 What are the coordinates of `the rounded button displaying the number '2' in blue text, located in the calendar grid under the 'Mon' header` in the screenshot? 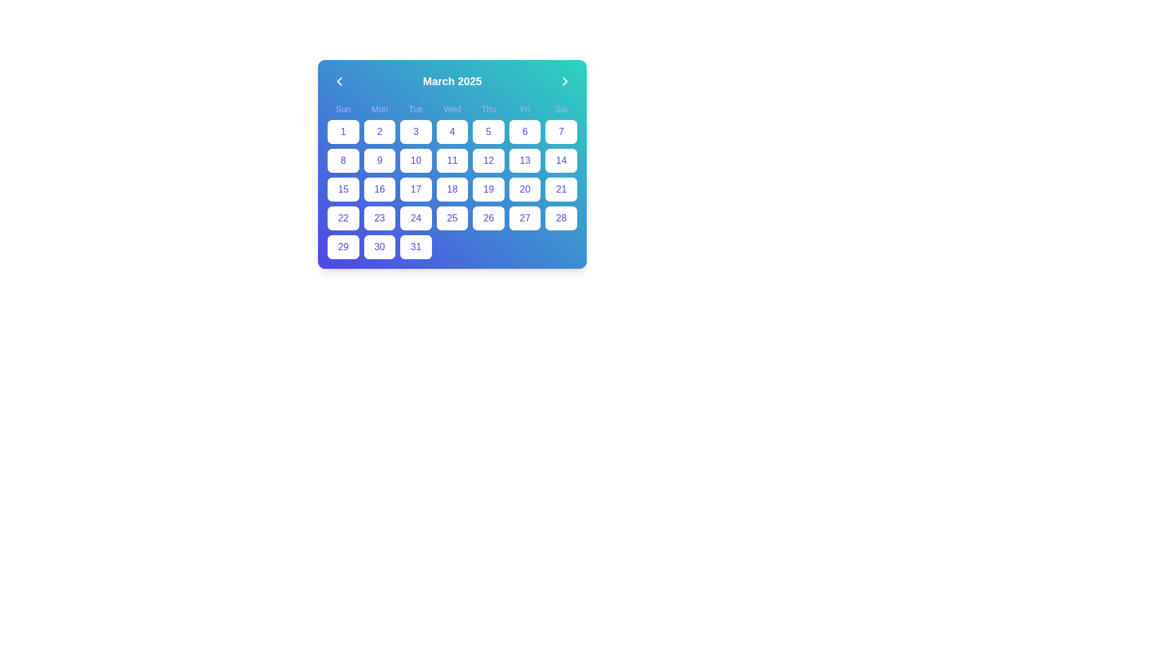 It's located at (379, 131).